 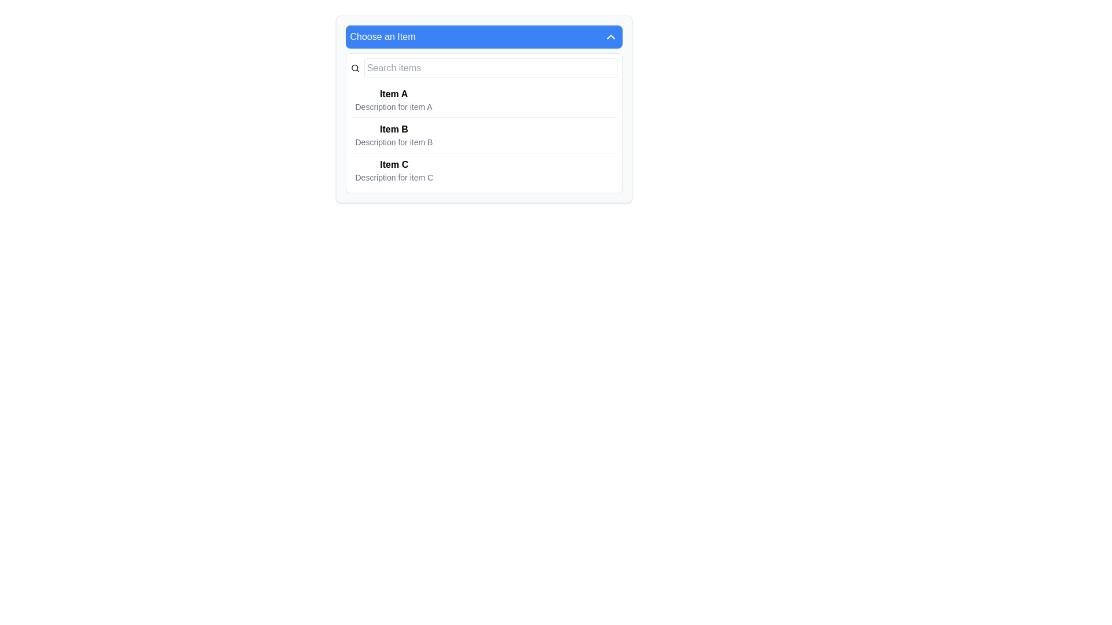 I want to click on the text label displaying 'Description for item B', which is located directly beneath the 'Item B' heading in the selection menu, so click(x=394, y=142).